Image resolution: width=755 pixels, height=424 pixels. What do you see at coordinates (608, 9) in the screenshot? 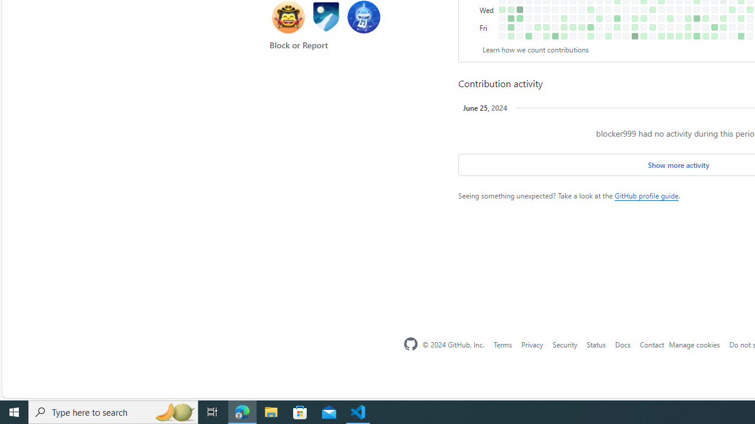
I see `'No contributions on March 27th.'` at bounding box center [608, 9].